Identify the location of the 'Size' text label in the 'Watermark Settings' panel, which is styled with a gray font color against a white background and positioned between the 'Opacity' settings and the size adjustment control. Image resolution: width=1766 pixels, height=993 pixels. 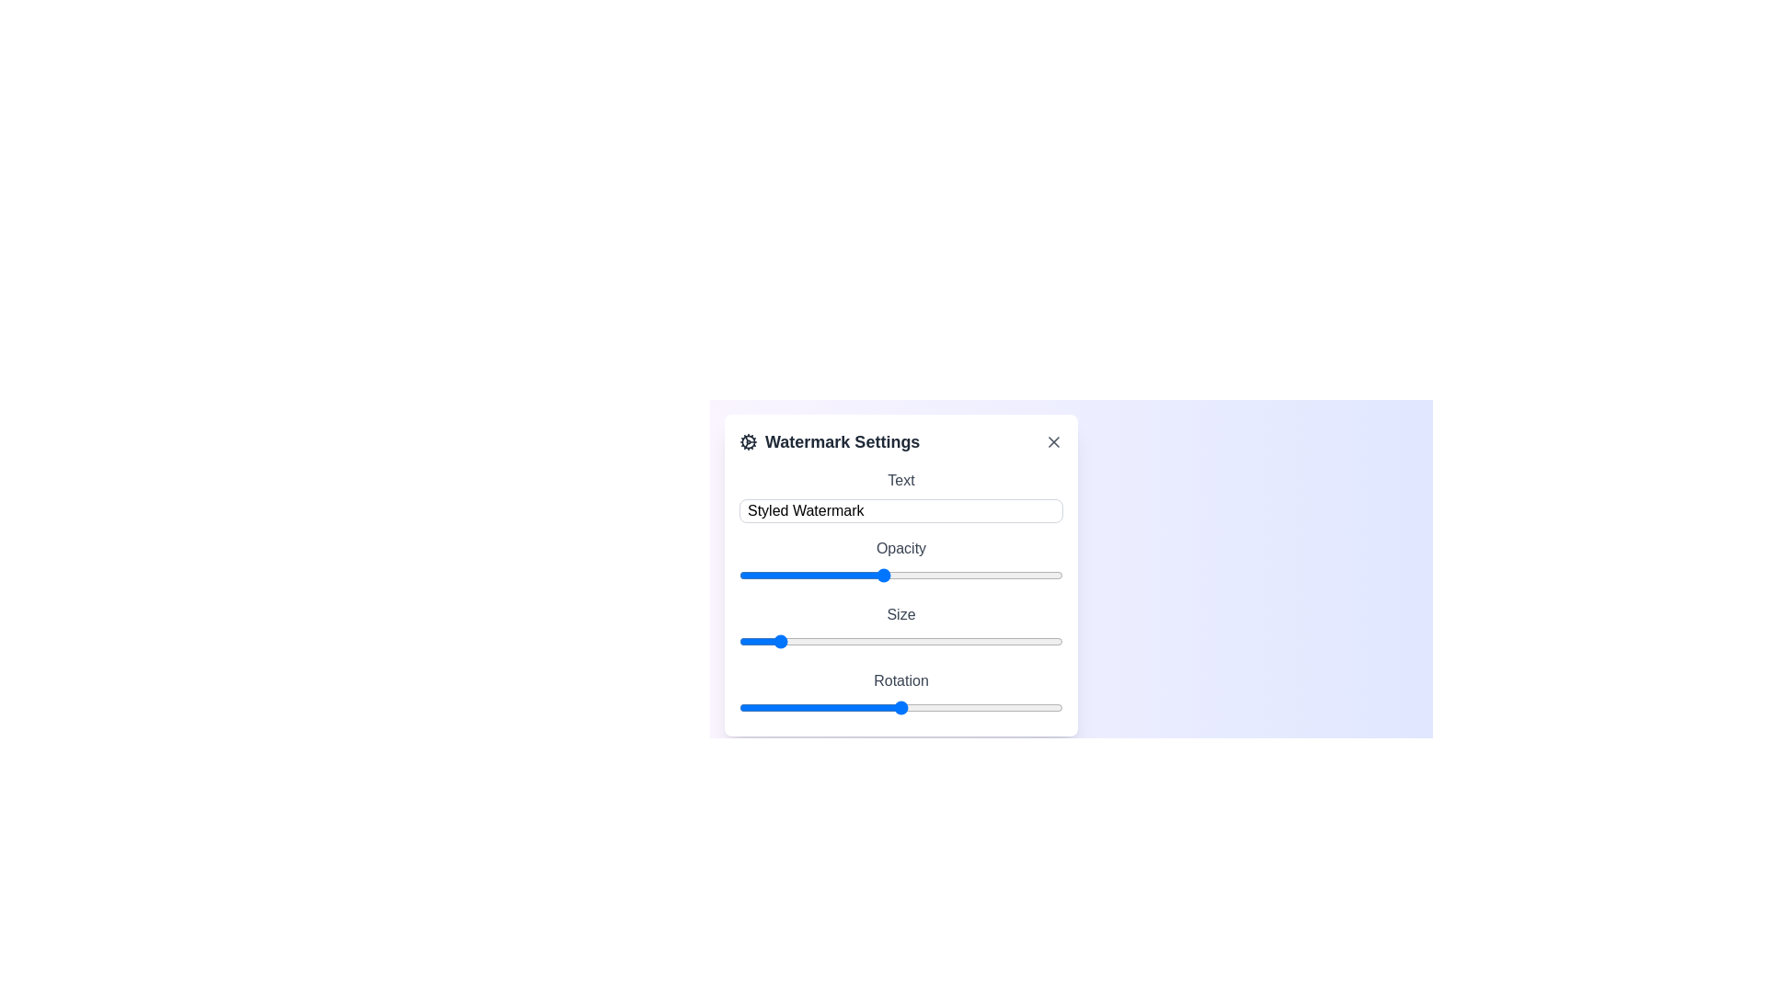
(900, 614).